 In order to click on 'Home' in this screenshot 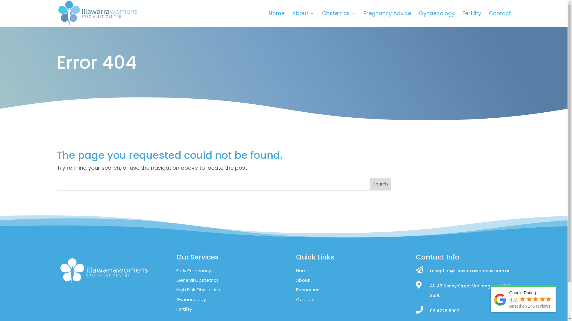, I will do `click(276, 19)`.